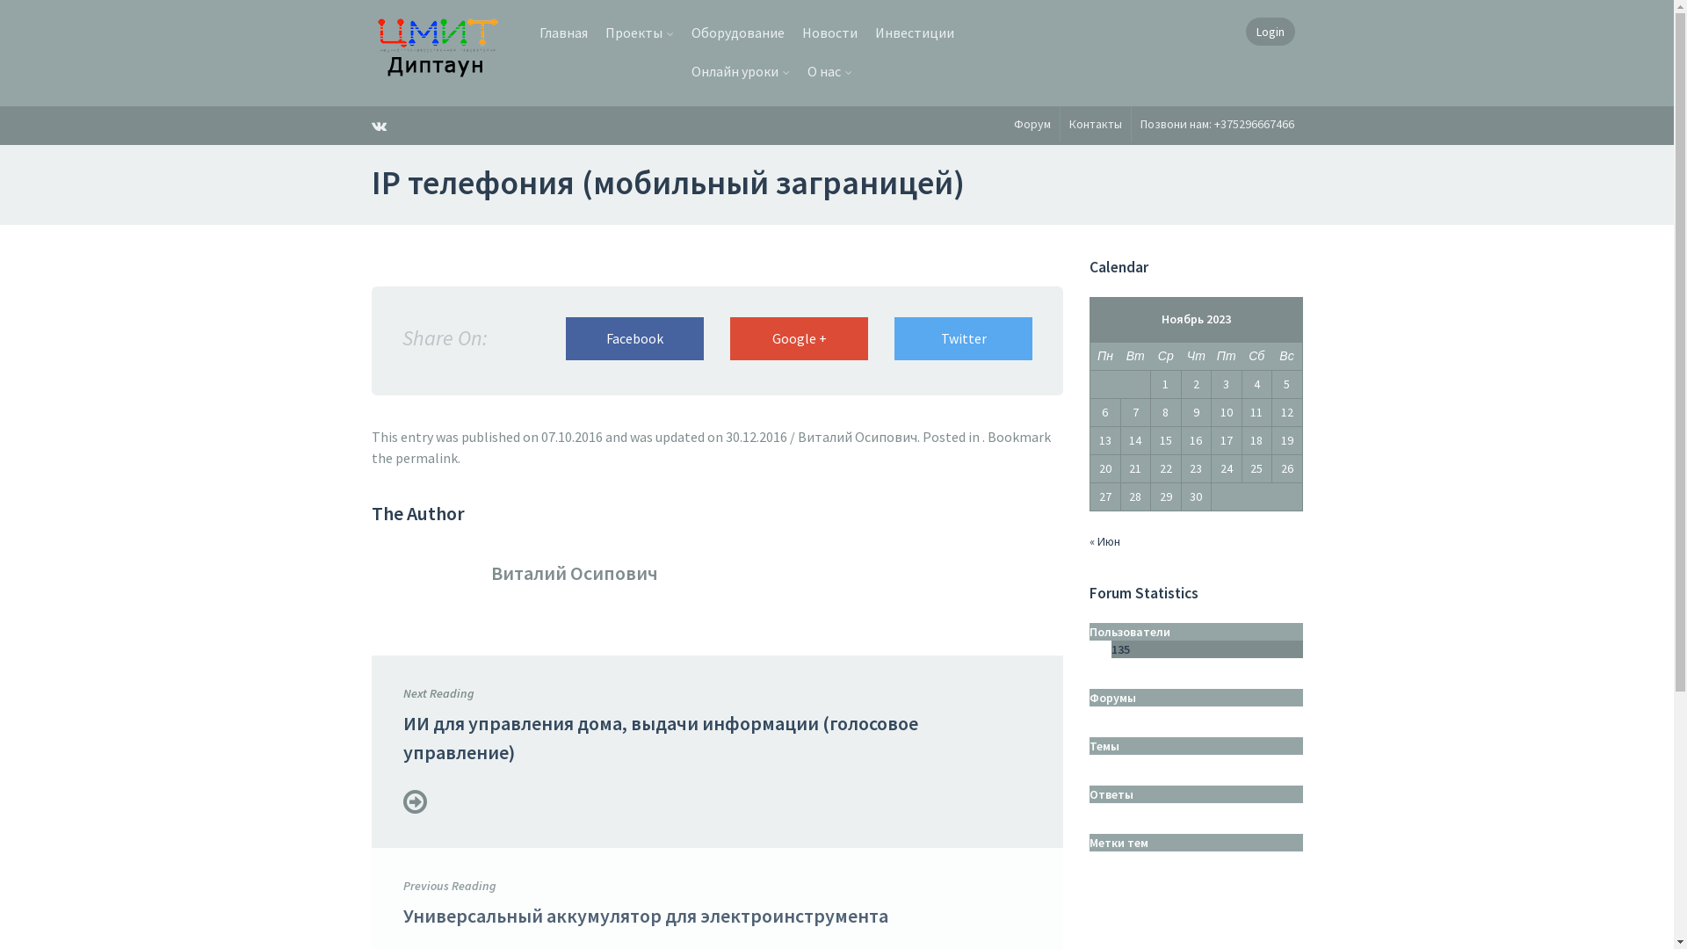 The width and height of the screenshot is (1687, 949). What do you see at coordinates (426, 456) in the screenshot?
I see `'permalink'` at bounding box center [426, 456].